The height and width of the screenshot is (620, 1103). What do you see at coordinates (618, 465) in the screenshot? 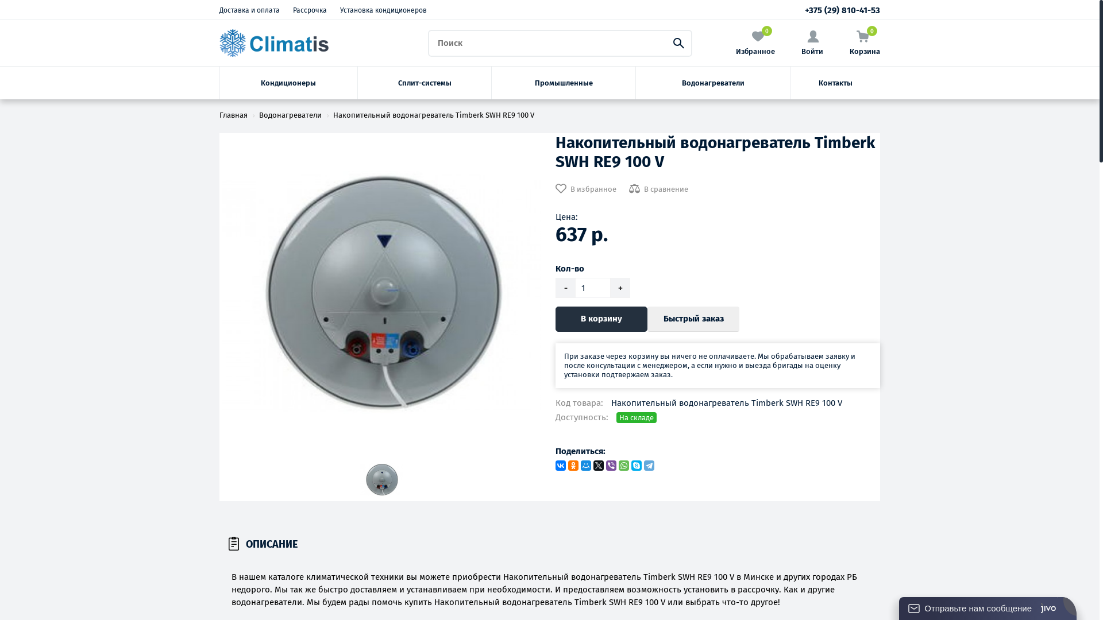
I see `'WhatsApp'` at bounding box center [618, 465].